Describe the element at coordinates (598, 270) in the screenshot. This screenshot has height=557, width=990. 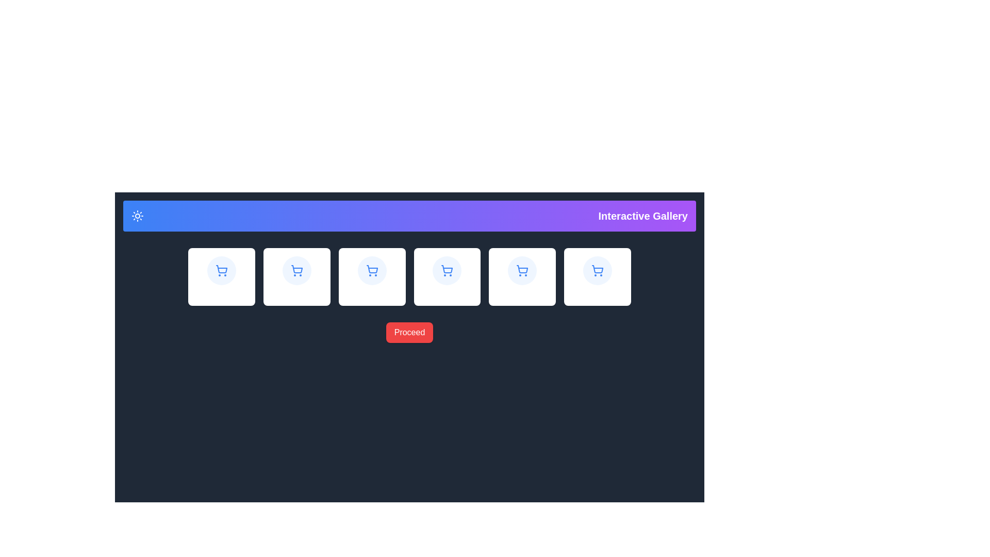
I see `the shopping action icon located at the bottom of the last card in the horizontal row of similar elements` at that location.